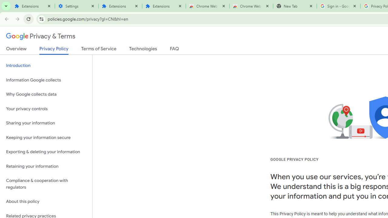 The width and height of the screenshot is (388, 218). I want to click on 'Sign in - Google Accounts', so click(338, 6).